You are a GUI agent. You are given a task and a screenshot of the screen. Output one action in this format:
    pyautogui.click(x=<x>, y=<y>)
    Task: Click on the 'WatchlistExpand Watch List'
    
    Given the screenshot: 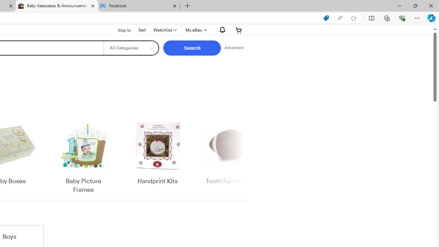 What is the action you would take?
    pyautogui.click(x=165, y=30)
    